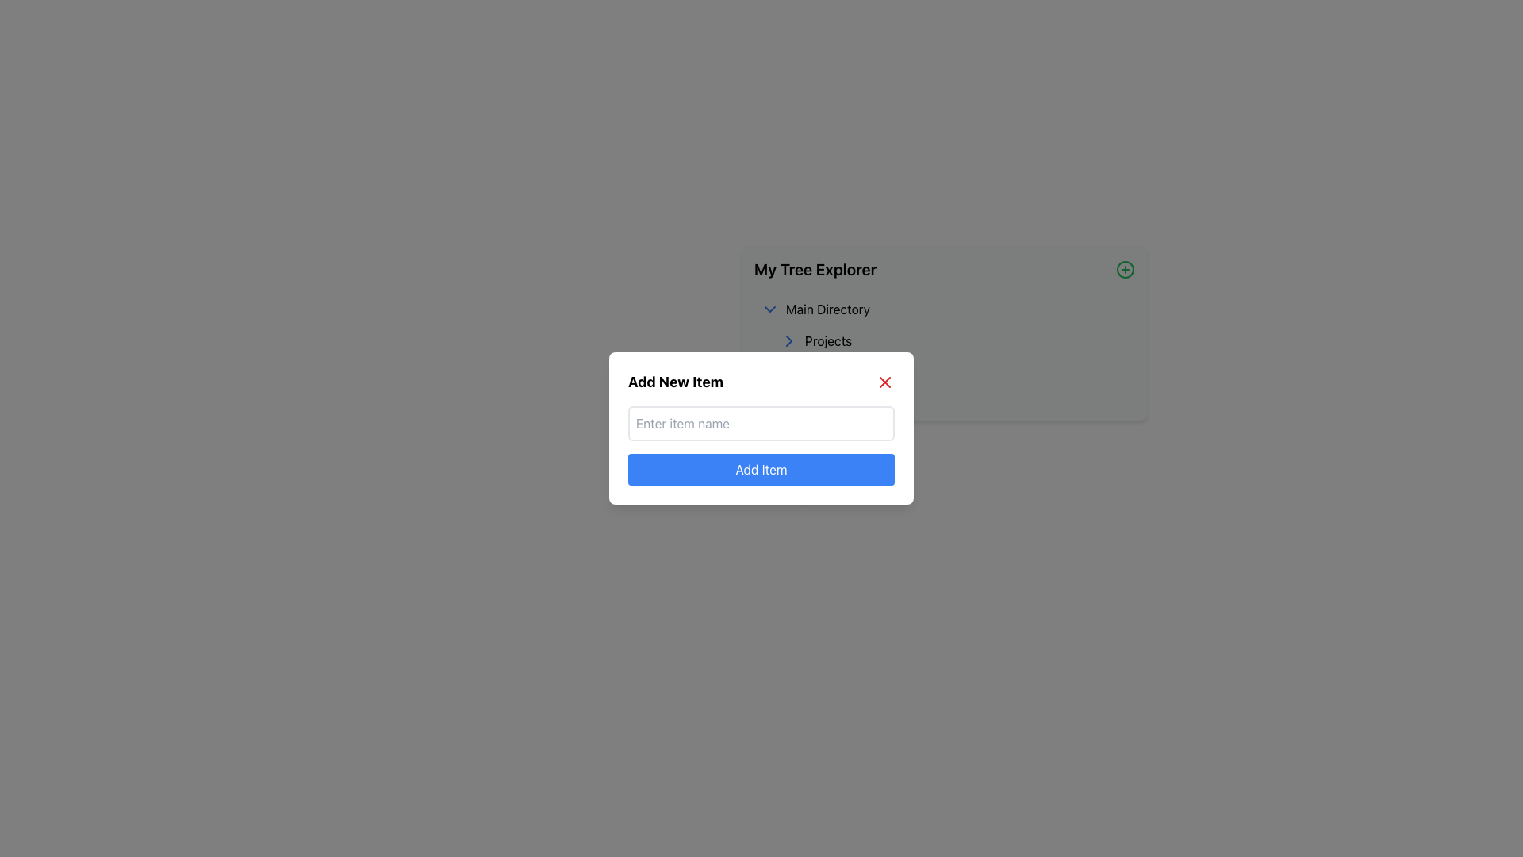 This screenshot has width=1523, height=857. I want to click on the Toggle button labeled 'Projects' in the tree explorer interface, so click(953, 340).